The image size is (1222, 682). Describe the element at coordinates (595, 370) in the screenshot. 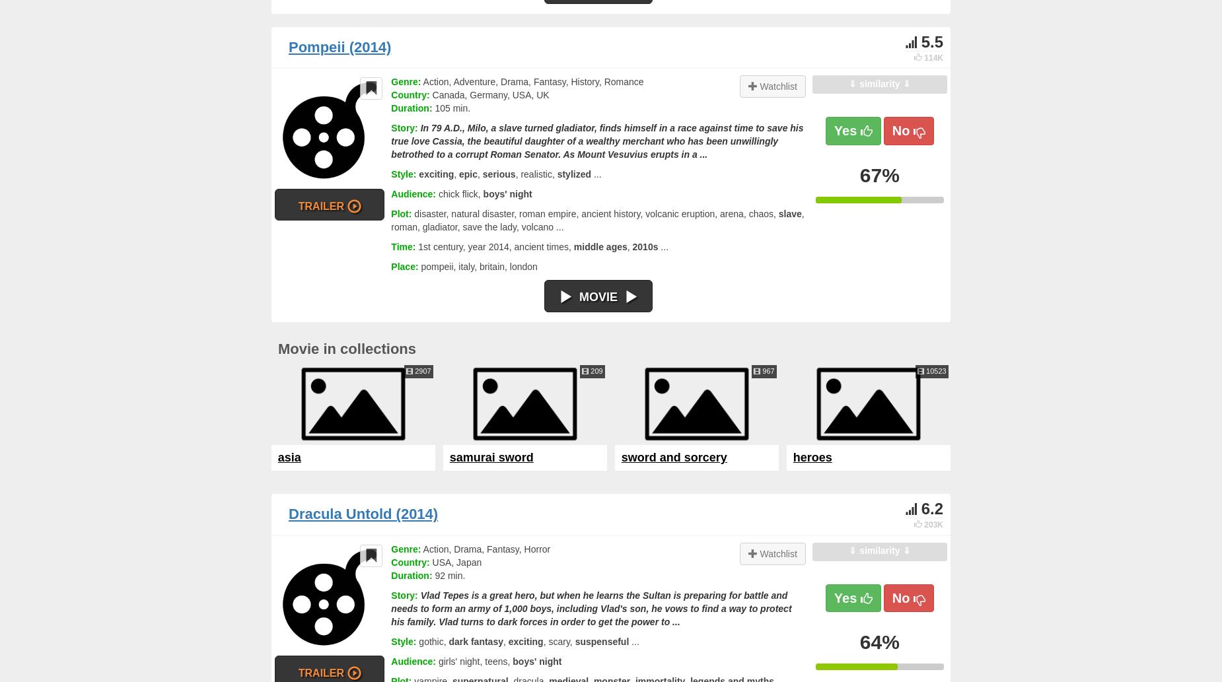

I see `'209'` at that location.